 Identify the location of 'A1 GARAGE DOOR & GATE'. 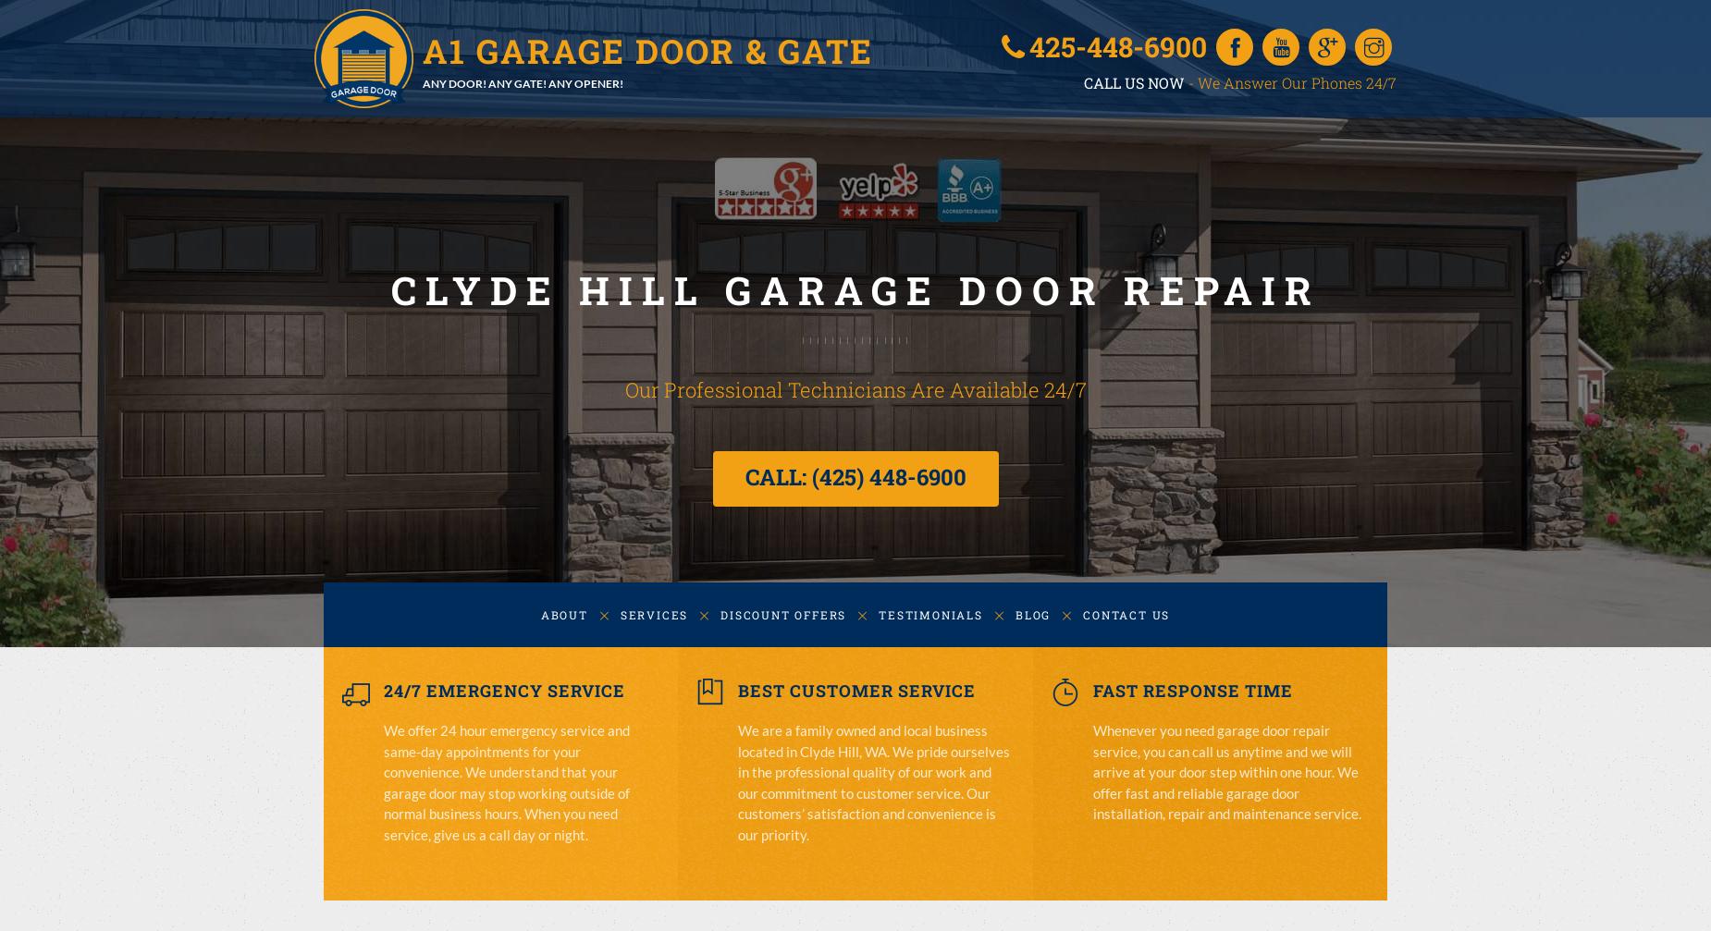
(647, 49).